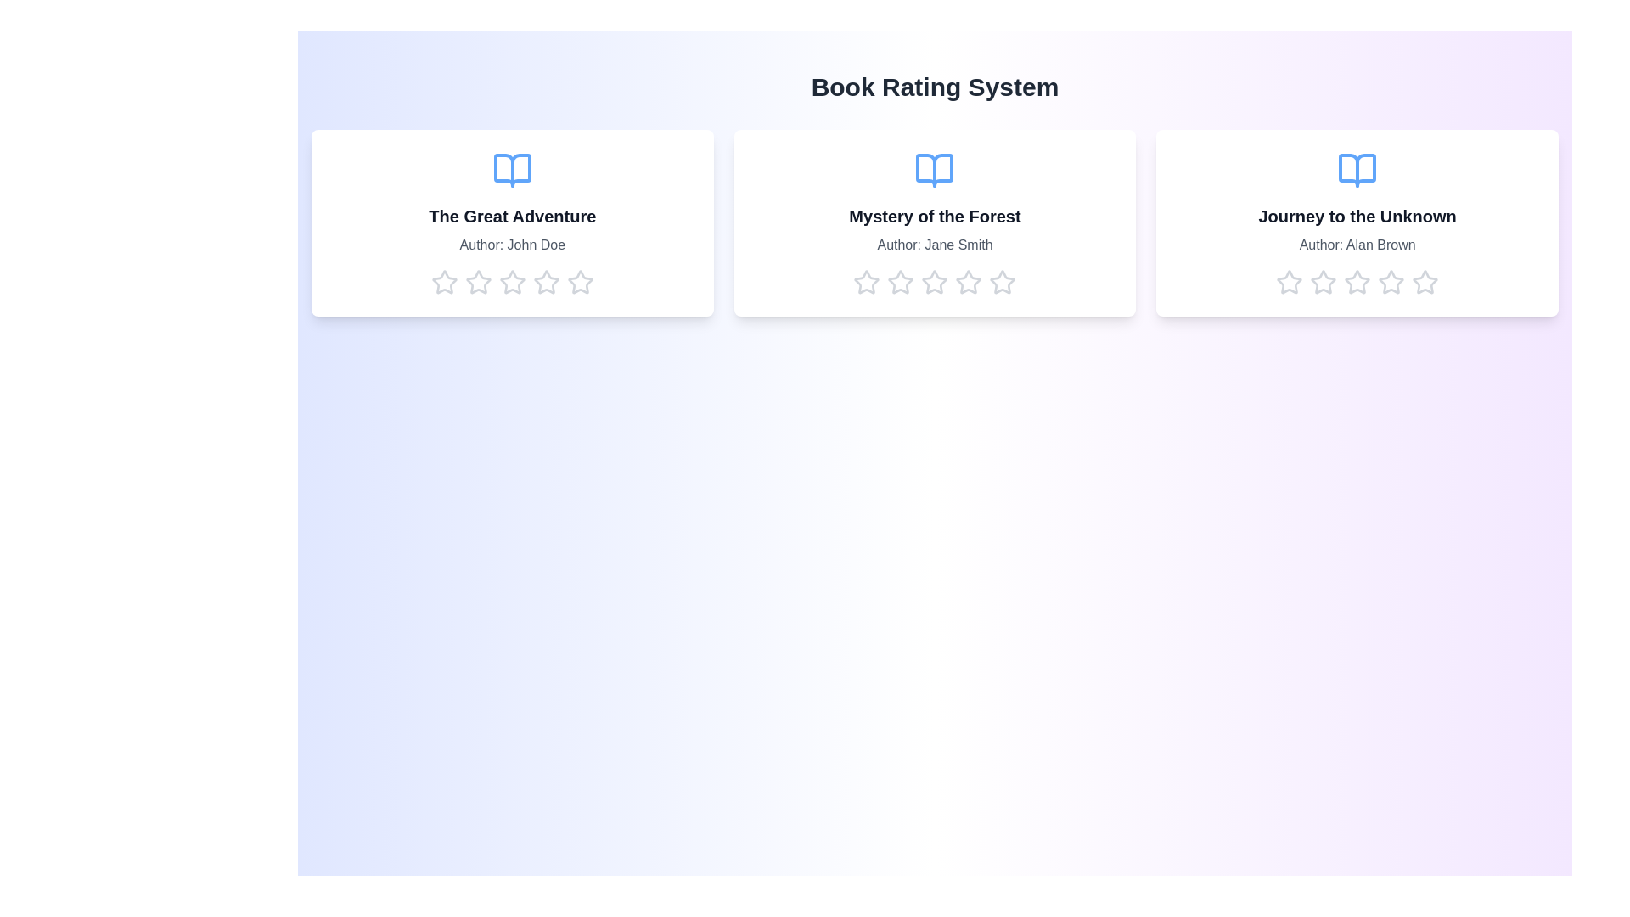 Image resolution: width=1630 pixels, height=917 pixels. What do you see at coordinates (580, 281) in the screenshot?
I see `the star corresponding to 5 stars to preview the rating` at bounding box center [580, 281].